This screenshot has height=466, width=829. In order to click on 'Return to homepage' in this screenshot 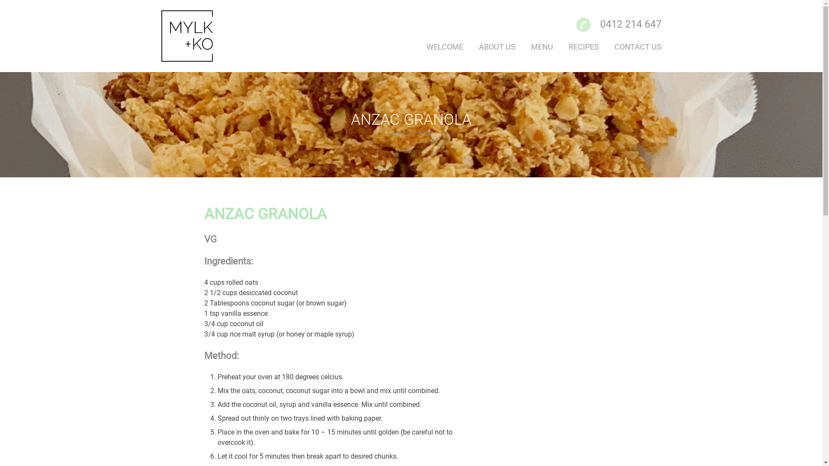, I will do `click(196, 35)`.